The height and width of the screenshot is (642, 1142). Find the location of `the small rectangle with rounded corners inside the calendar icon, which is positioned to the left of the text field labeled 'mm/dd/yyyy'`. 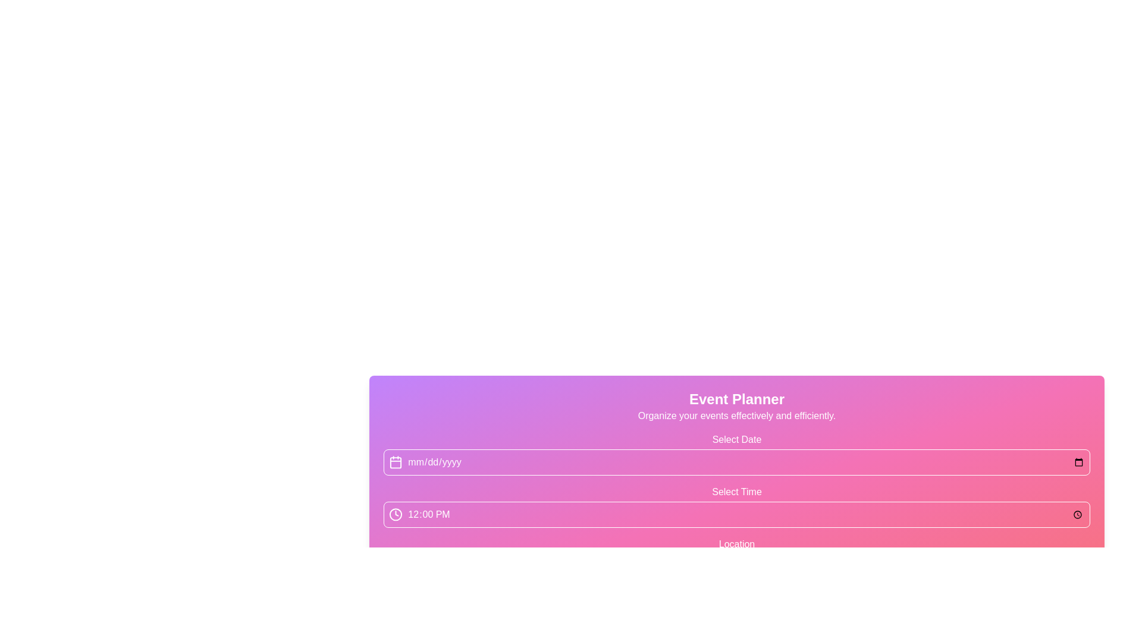

the small rectangle with rounded corners inside the calendar icon, which is positioned to the left of the text field labeled 'mm/dd/yyyy' is located at coordinates (396, 462).